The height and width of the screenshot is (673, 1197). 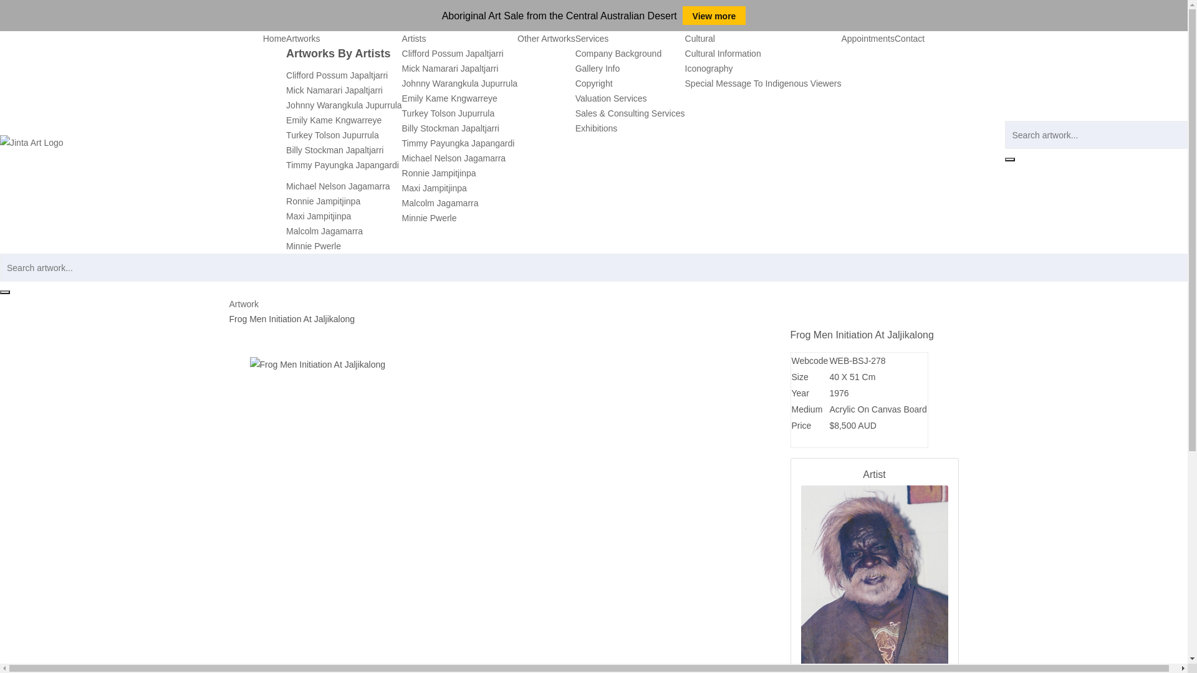 What do you see at coordinates (611, 98) in the screenshot?
I see `'Valuation Services'` at bounding box center [611, 98].